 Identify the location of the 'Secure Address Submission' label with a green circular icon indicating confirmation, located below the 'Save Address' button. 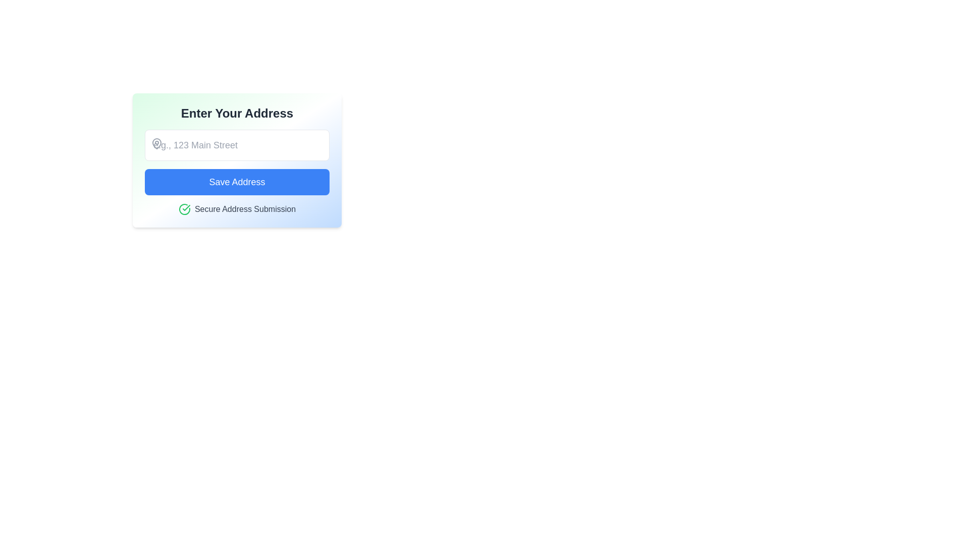
(237, 209).